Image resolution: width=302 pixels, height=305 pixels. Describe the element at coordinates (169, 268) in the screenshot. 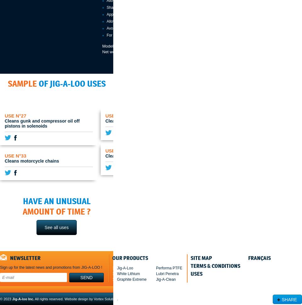

I see `'Performa PTFE'` at that location.